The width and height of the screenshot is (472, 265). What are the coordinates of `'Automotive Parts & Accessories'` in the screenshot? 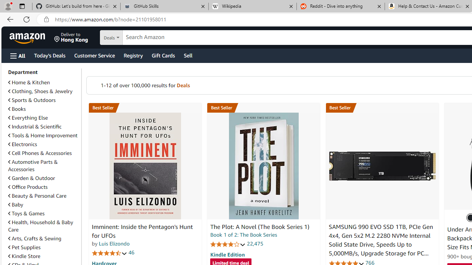 It's located at (43, 166).